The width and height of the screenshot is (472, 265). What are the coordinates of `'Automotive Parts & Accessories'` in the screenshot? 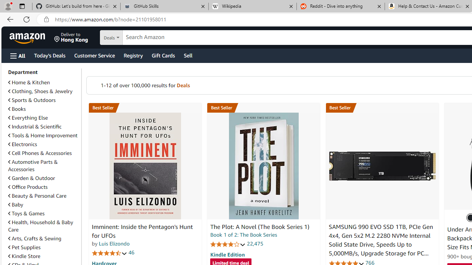 It's located at (43, 166).